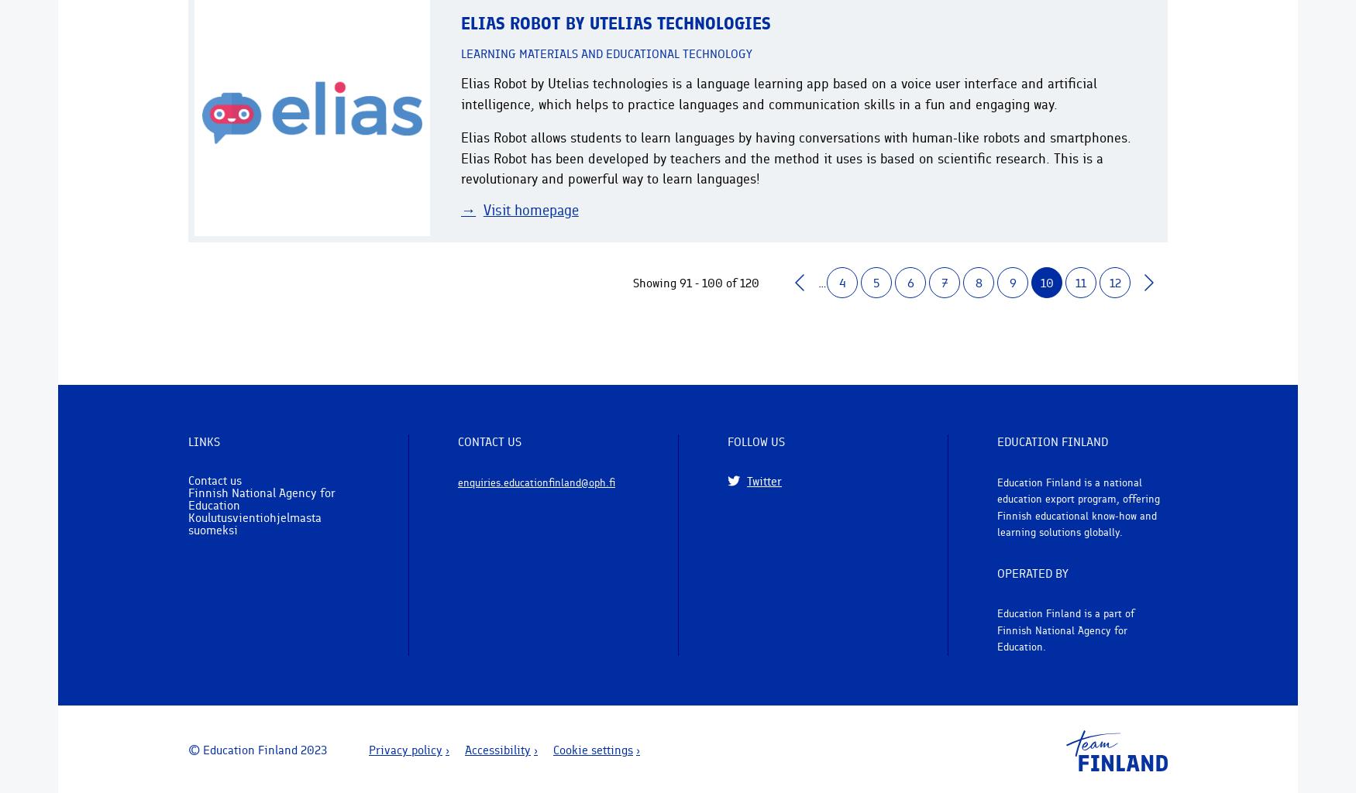 The height and width of the screenshot is (793, 1356). What do you see at coordinates (404, 750) in the screenshot?
I see `'Privacy policy'` at bounding box center [404, 750].